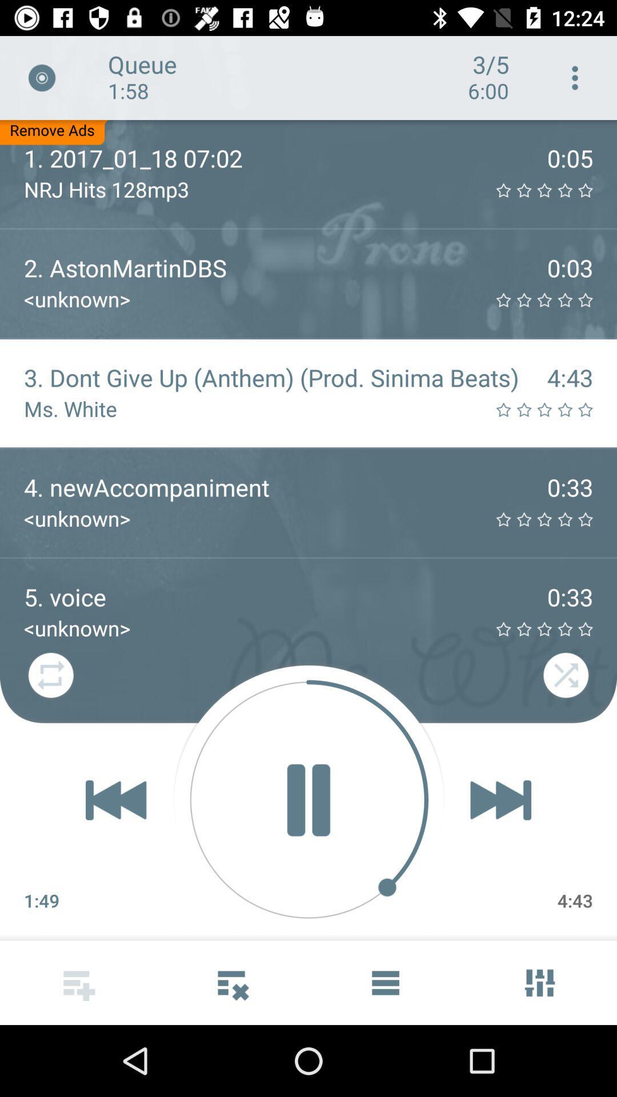 Image resolution: width=617 pixels, height=1097 pixels. I want to click on the more icon, so click(231, 982).